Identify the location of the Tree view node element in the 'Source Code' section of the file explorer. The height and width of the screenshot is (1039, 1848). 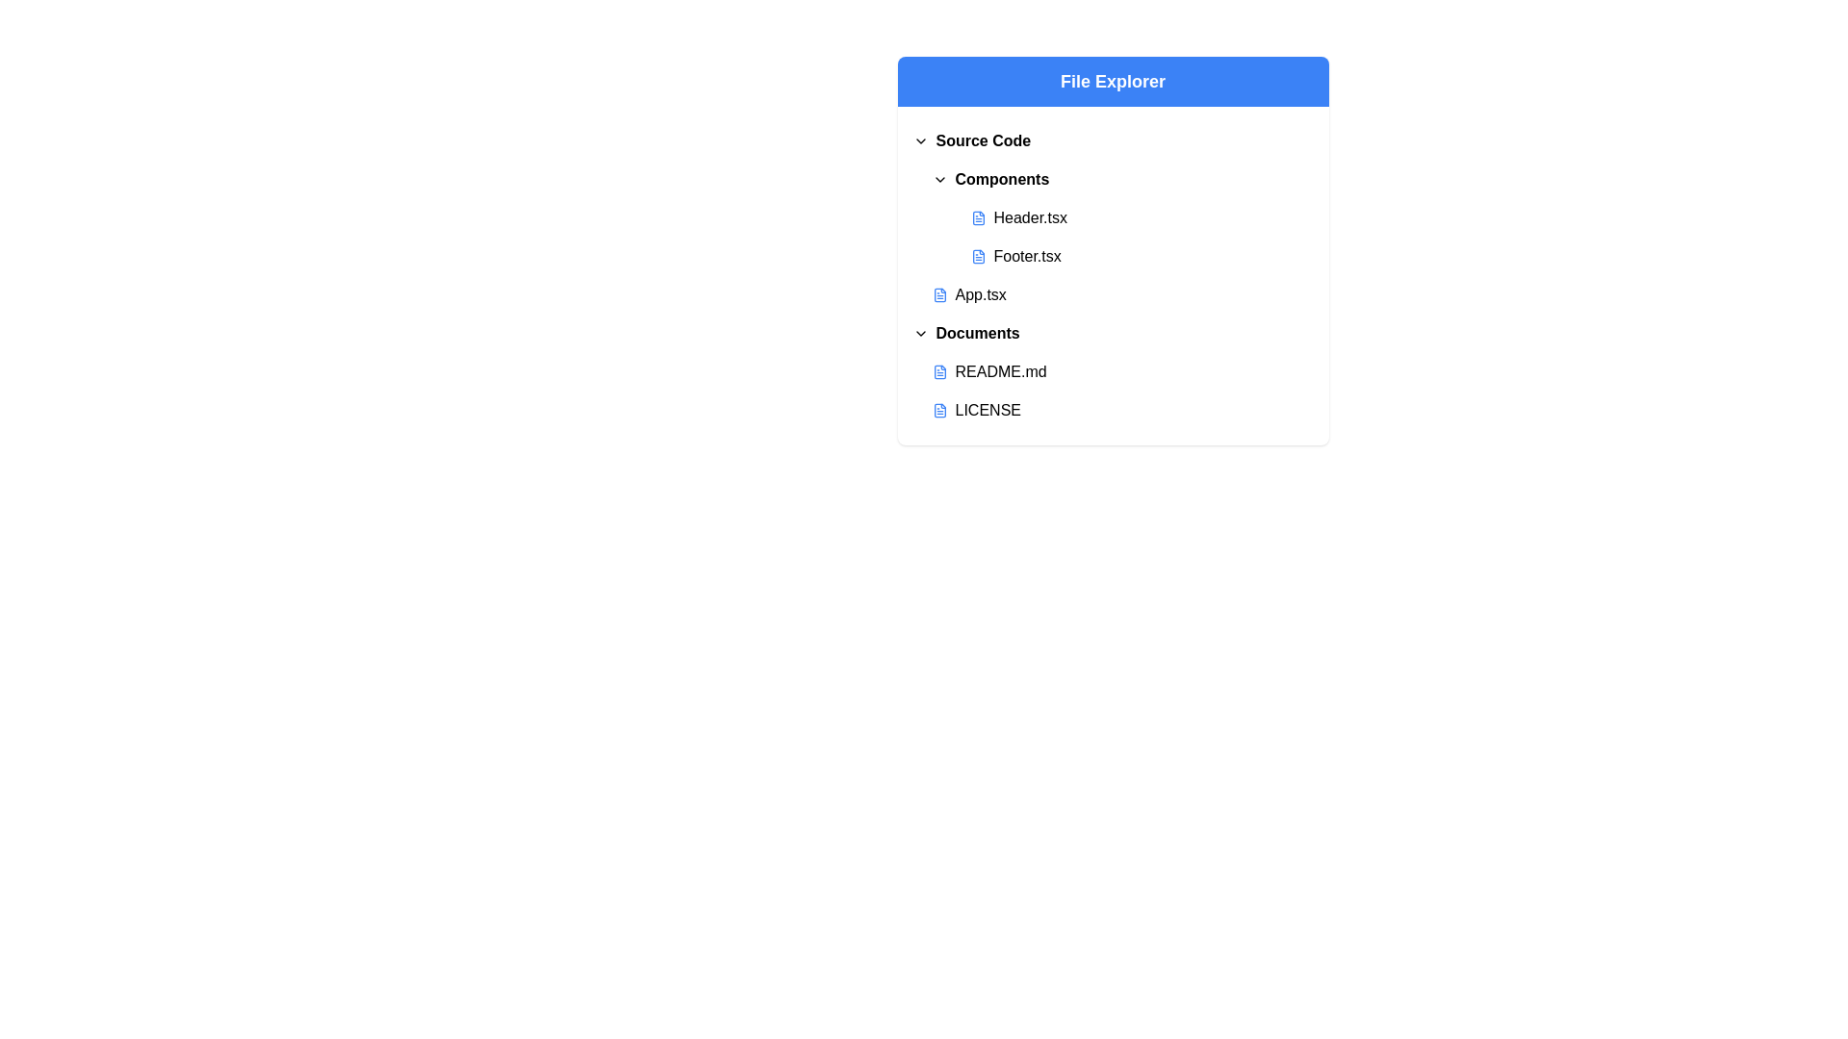
(1113, 217).